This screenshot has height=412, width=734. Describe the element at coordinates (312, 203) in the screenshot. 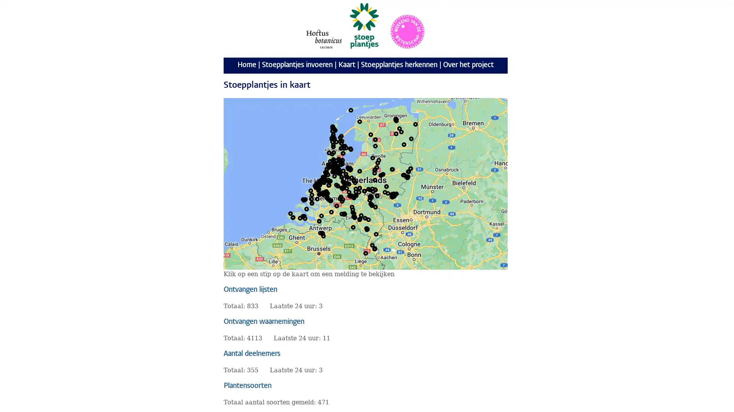

I see `Telling van Henk op 31 mei 2022` at that location.